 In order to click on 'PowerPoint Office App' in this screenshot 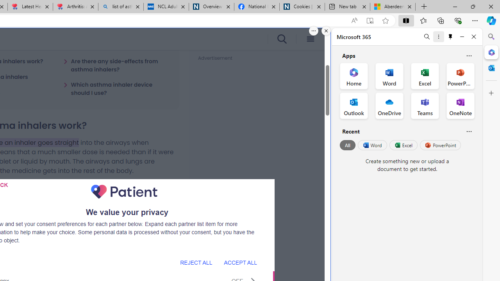, I will do `click(460, 76)`.